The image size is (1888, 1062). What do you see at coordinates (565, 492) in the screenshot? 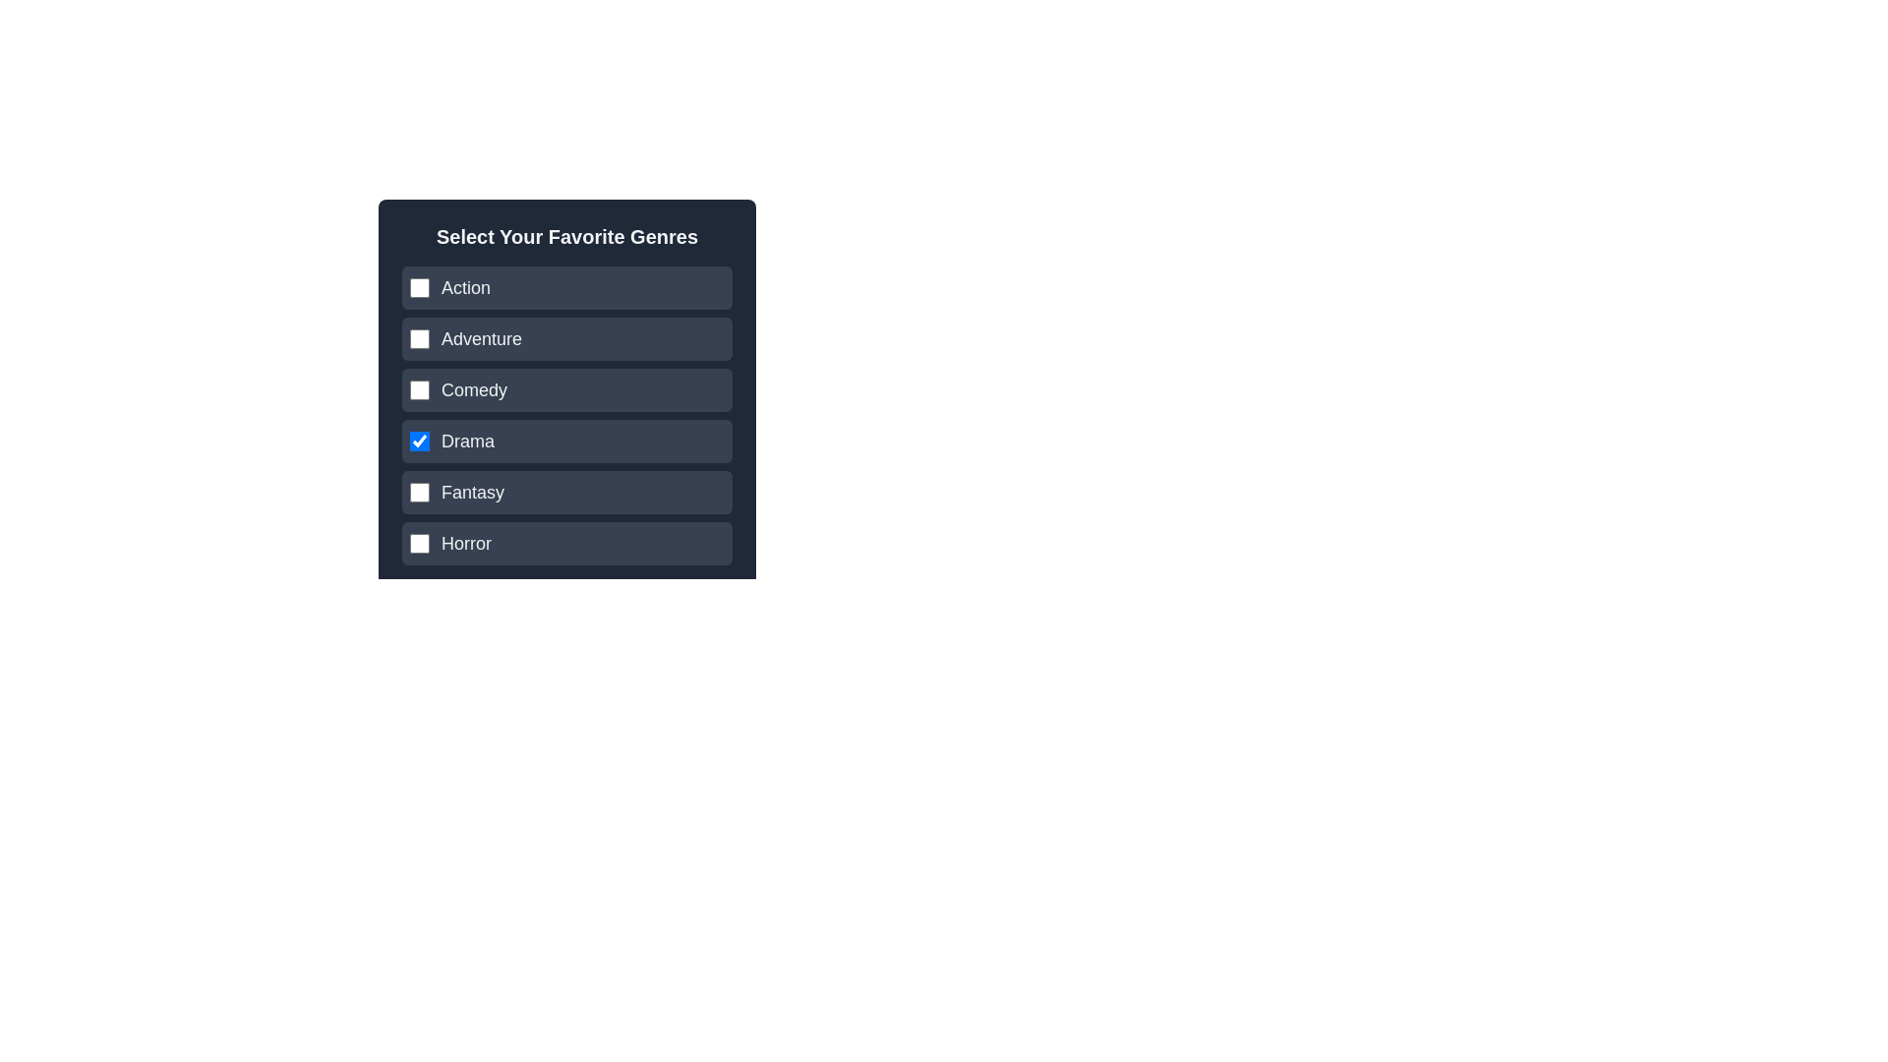
I see `the 'Fantasy' category checkbox in the selectable row by` at bounding box center [565, 492].